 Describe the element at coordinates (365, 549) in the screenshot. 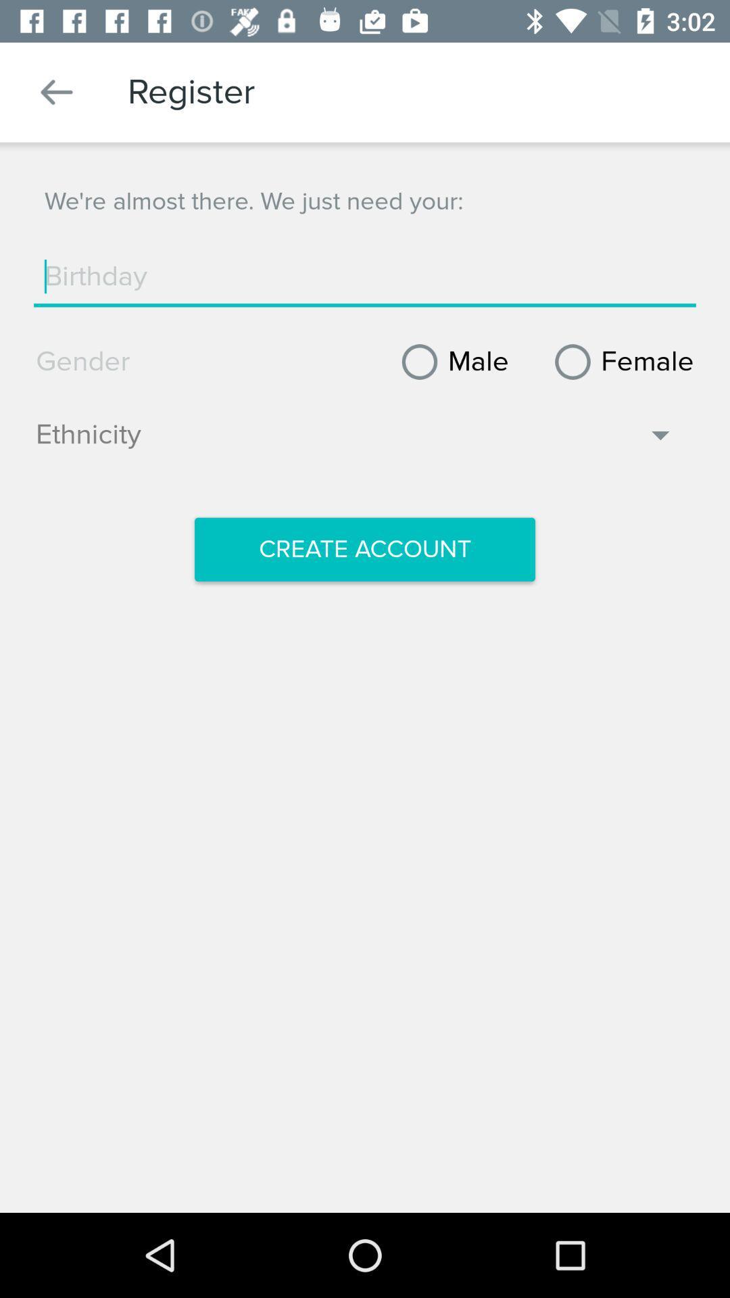

I see `create account` at that location.